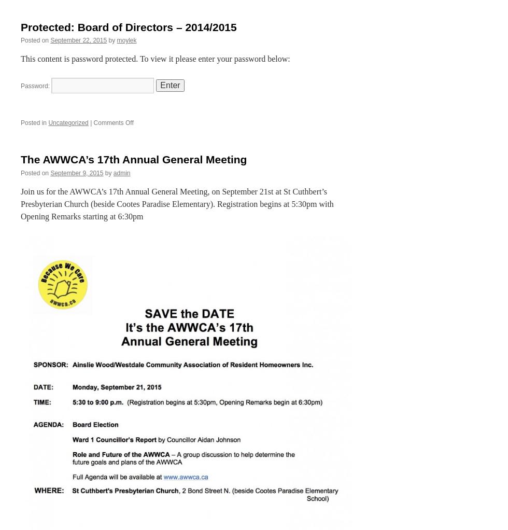 The height and width of the screenshot is (530, 508). I want to click on 'Join us for the AWWCA’s 17th Annual General Meeting, on September 21st at St Cuthbert’s Presbyterian Church (beside Cootes Paradise Elementary). Registration begins at 5:30pm with Opening Remarks starting at 6:30pm', so click(177, 203).